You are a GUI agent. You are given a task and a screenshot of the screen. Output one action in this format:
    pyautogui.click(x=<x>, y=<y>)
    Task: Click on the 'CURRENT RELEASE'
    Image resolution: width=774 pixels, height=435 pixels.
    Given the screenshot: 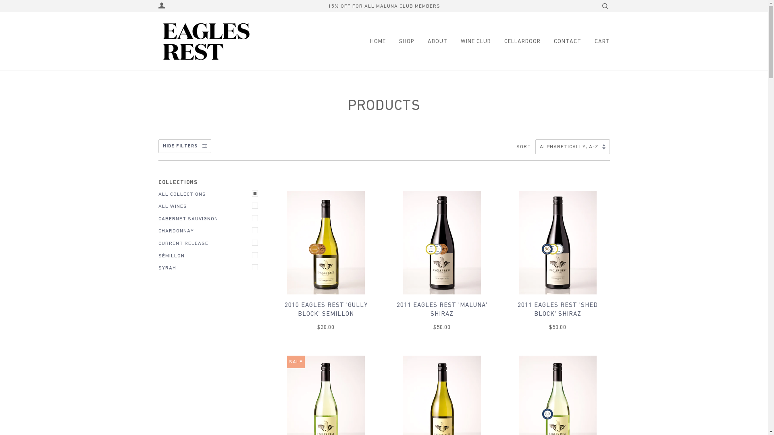 What is the action you would take?
    pyautogui.click(x=210, y=243)
    